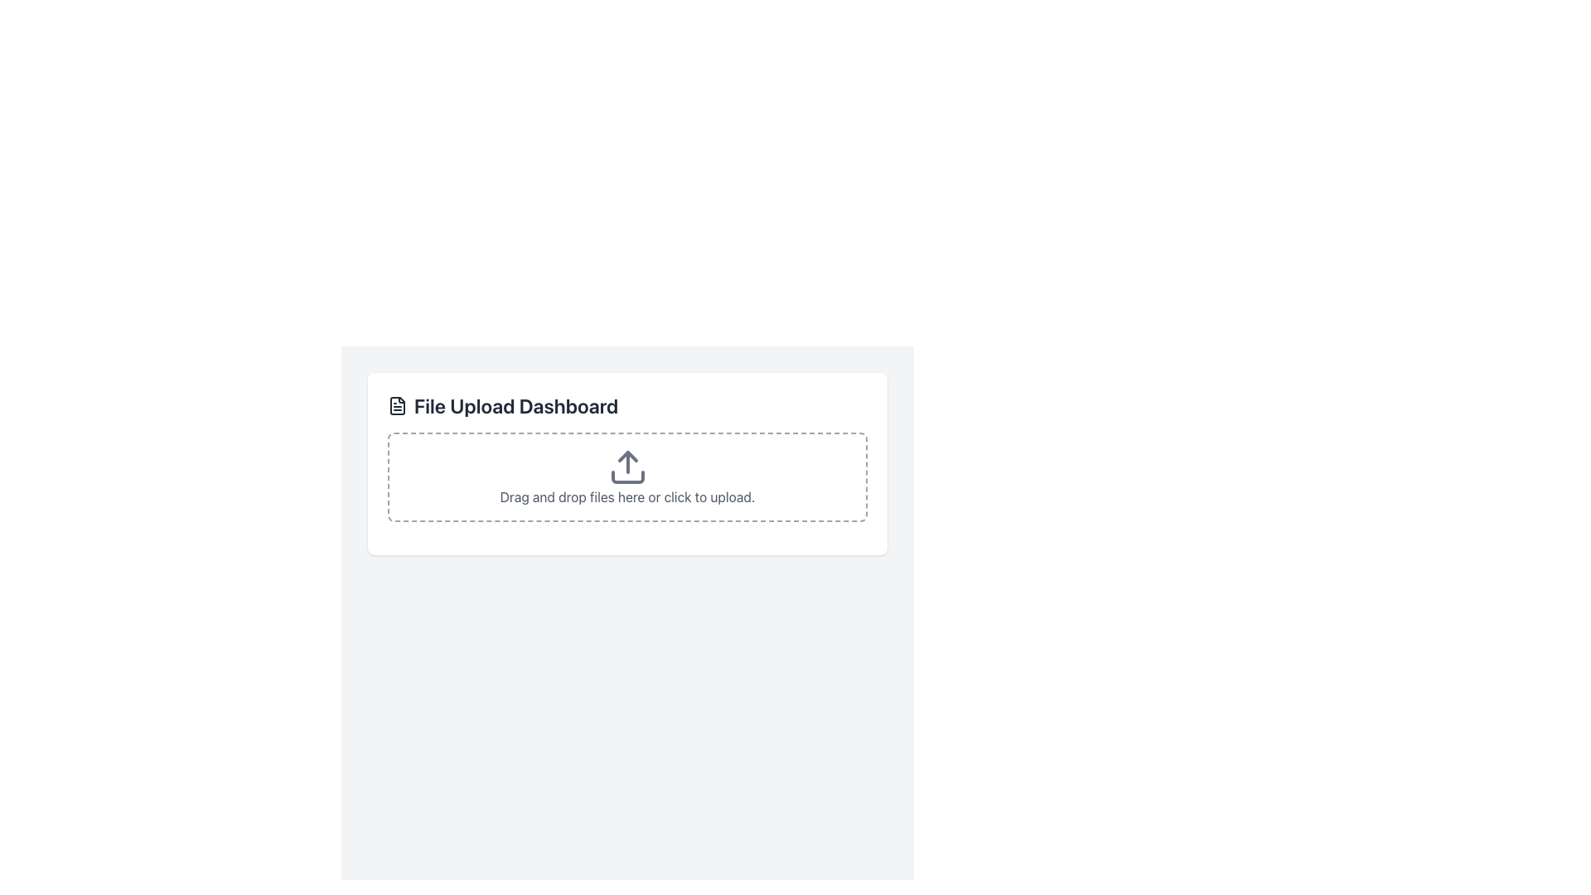  I want to click on and drop files onto the file upload input area located within the 'File Upload Dashboard', so click(626, 477).